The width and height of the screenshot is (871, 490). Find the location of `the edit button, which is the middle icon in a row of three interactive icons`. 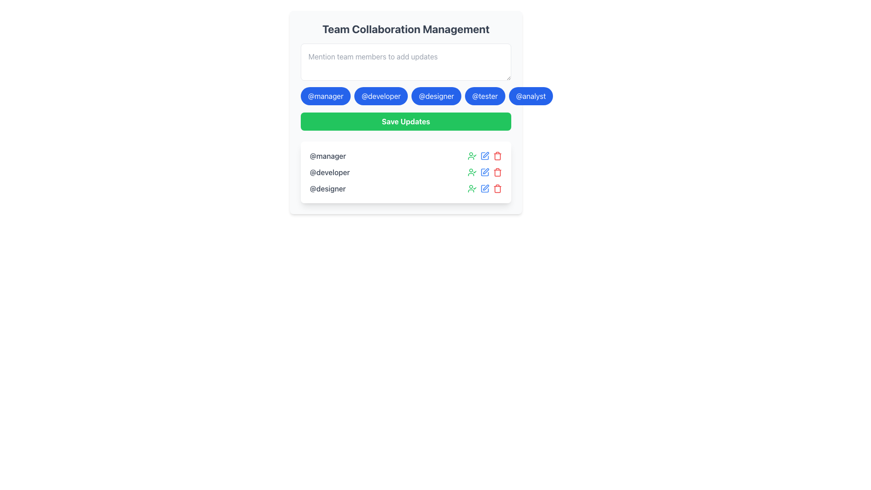

the edit button, which is the middle icon in a row of three interactive icons is located at coordinates (484, 172).